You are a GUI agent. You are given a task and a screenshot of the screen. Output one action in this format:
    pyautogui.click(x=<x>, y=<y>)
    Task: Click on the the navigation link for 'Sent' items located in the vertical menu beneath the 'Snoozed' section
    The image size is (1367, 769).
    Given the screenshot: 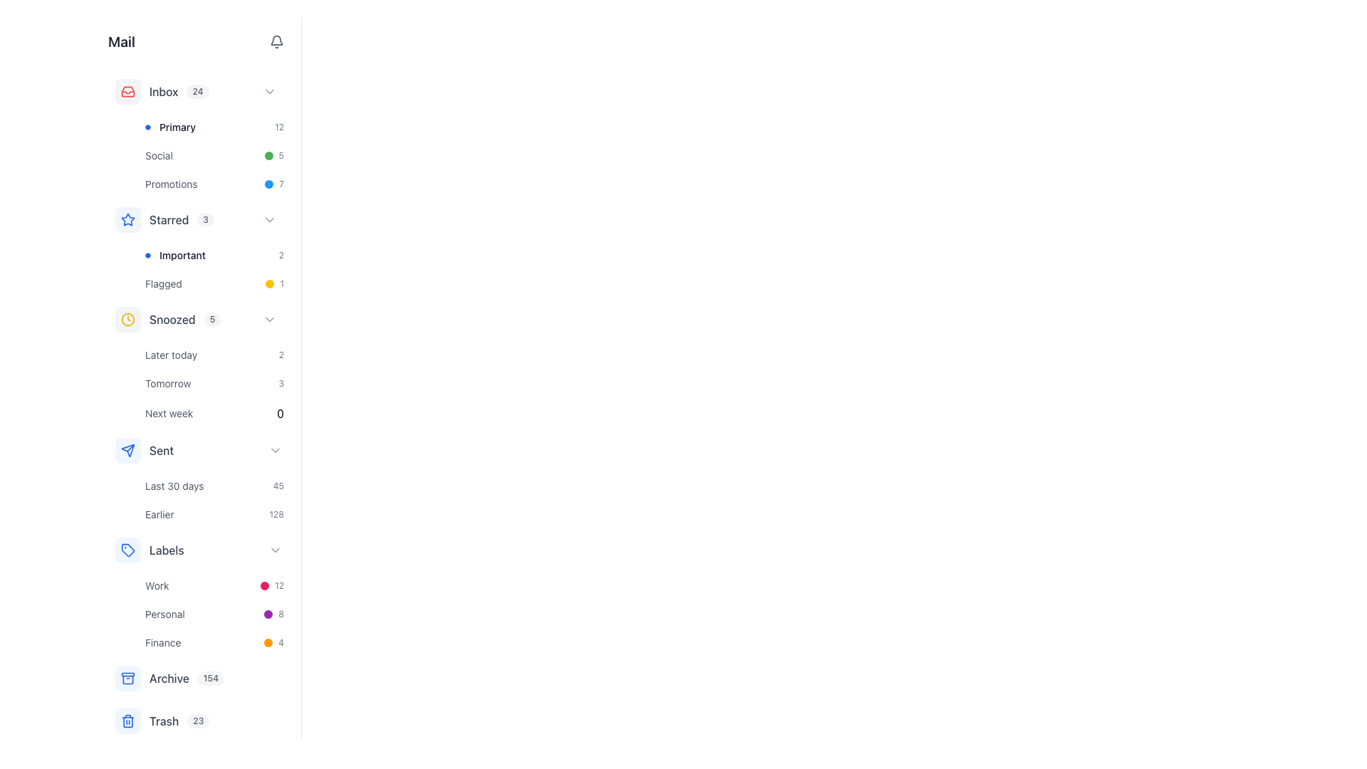 What is the action you would take?
    pyautogui.click(x=144, y=450)
    